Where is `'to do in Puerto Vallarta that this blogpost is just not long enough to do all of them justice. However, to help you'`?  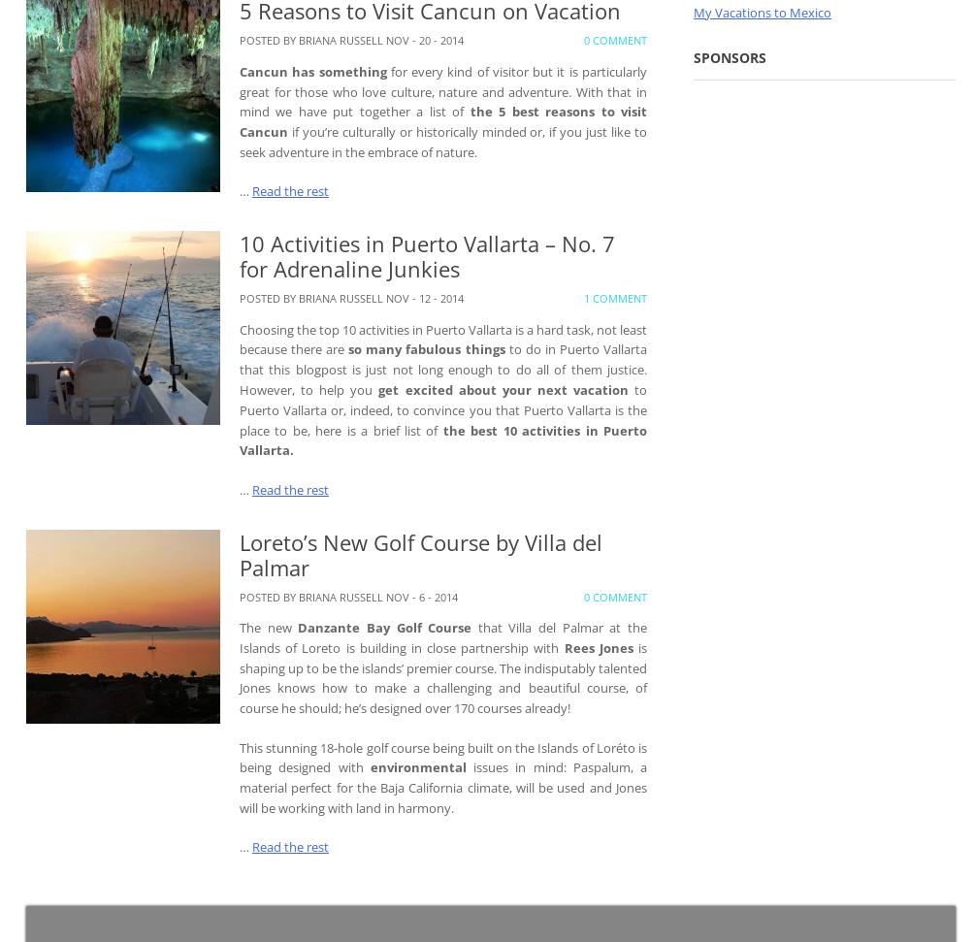
'to do in Puerto Vallarta that this blogpost is just not long enough to do all of them justice. However, to help you' is located at coordinates (442, 369).